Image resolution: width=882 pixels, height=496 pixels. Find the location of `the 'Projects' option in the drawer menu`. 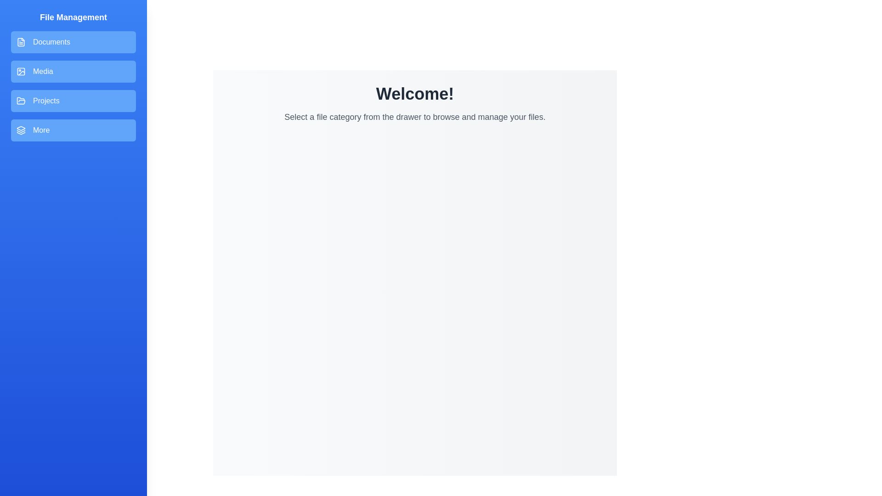

the 'Projects' option in the drawer menu is located at coordinates (73, 101).